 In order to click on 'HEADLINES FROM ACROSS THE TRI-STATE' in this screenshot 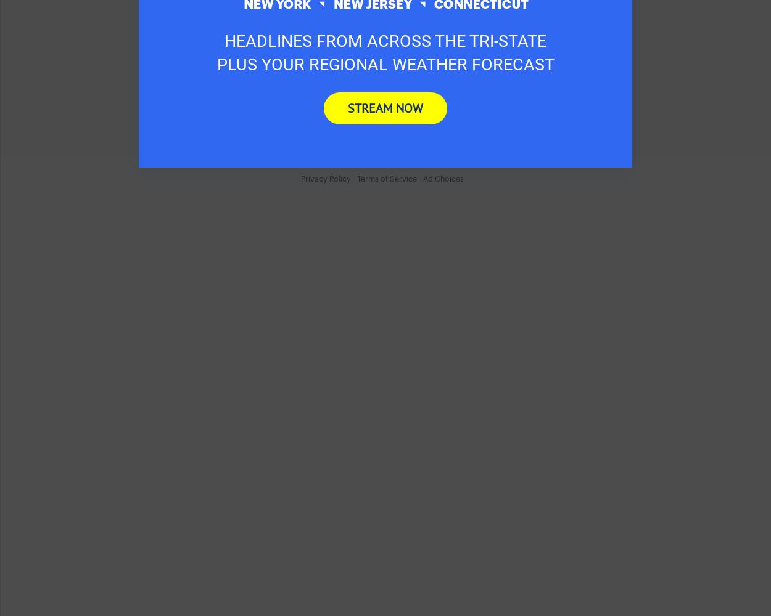, I will do `click(224, 41)`.